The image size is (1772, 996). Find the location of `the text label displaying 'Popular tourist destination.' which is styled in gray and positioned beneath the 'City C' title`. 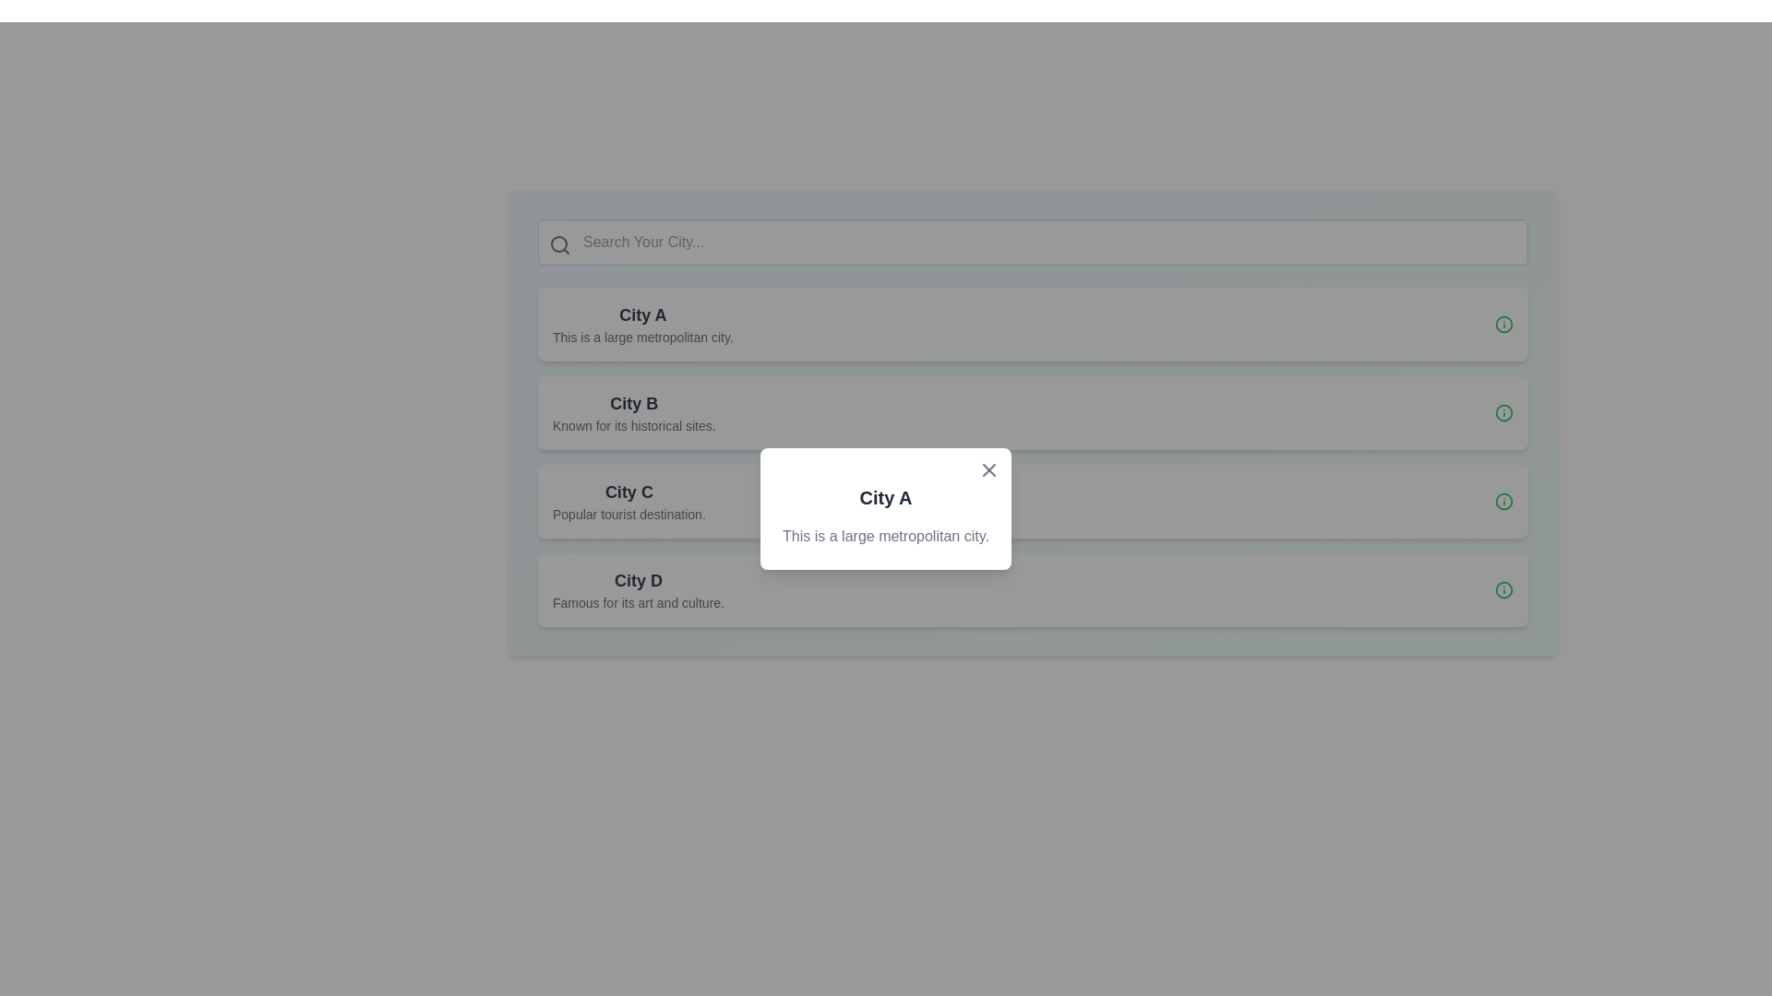

the text label displaying 'Popular tourist destination.' which is styled in gray and positioned beneath the 'City C' title is located at coordinates (629, 515).